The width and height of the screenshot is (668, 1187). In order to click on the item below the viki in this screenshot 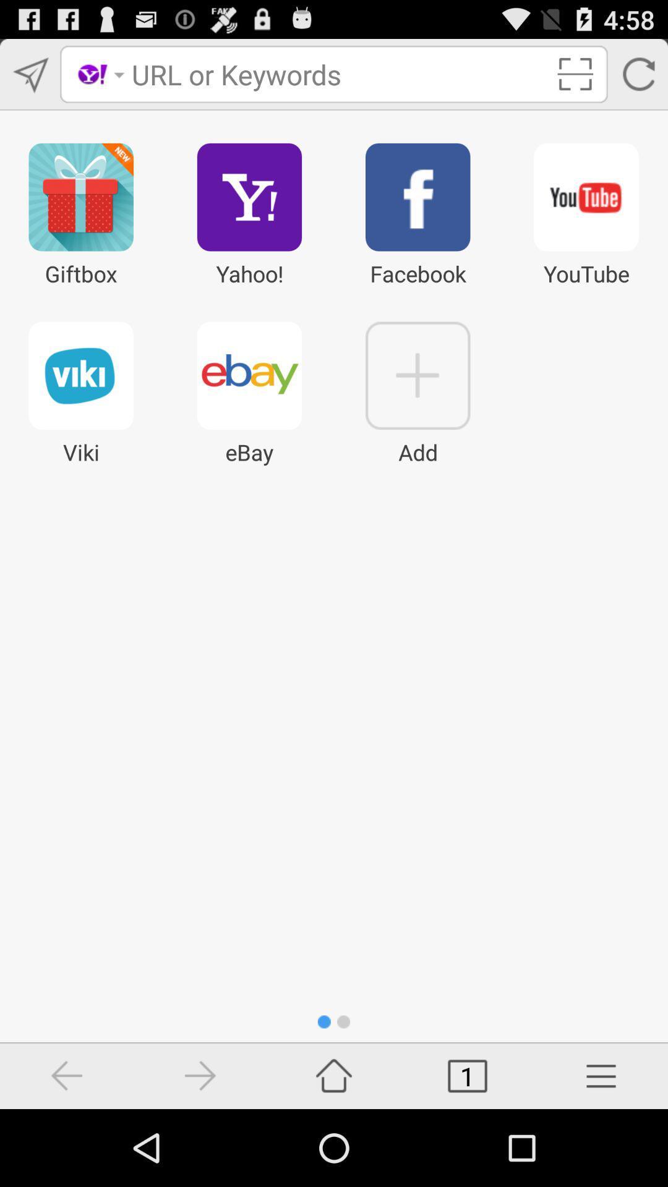, I will do `click(200, 1075)`.